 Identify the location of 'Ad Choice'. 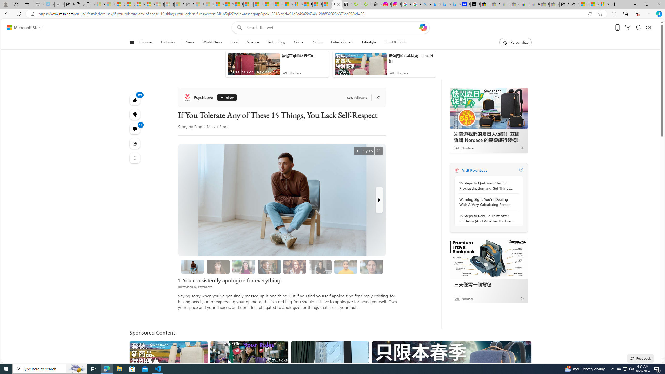
(522, 298).